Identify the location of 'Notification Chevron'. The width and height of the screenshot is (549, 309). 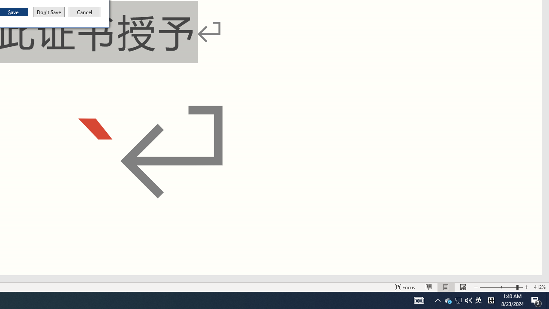
(437, 300).